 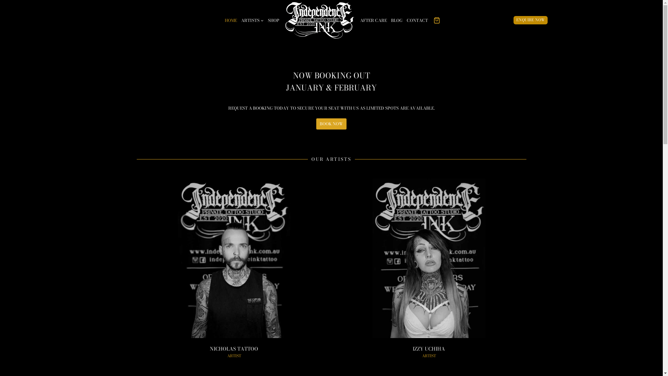 What do you see at coordinates (252, 19) in the screenshot?
I see `'ARTISTS'` at bounding box center [252, 19].